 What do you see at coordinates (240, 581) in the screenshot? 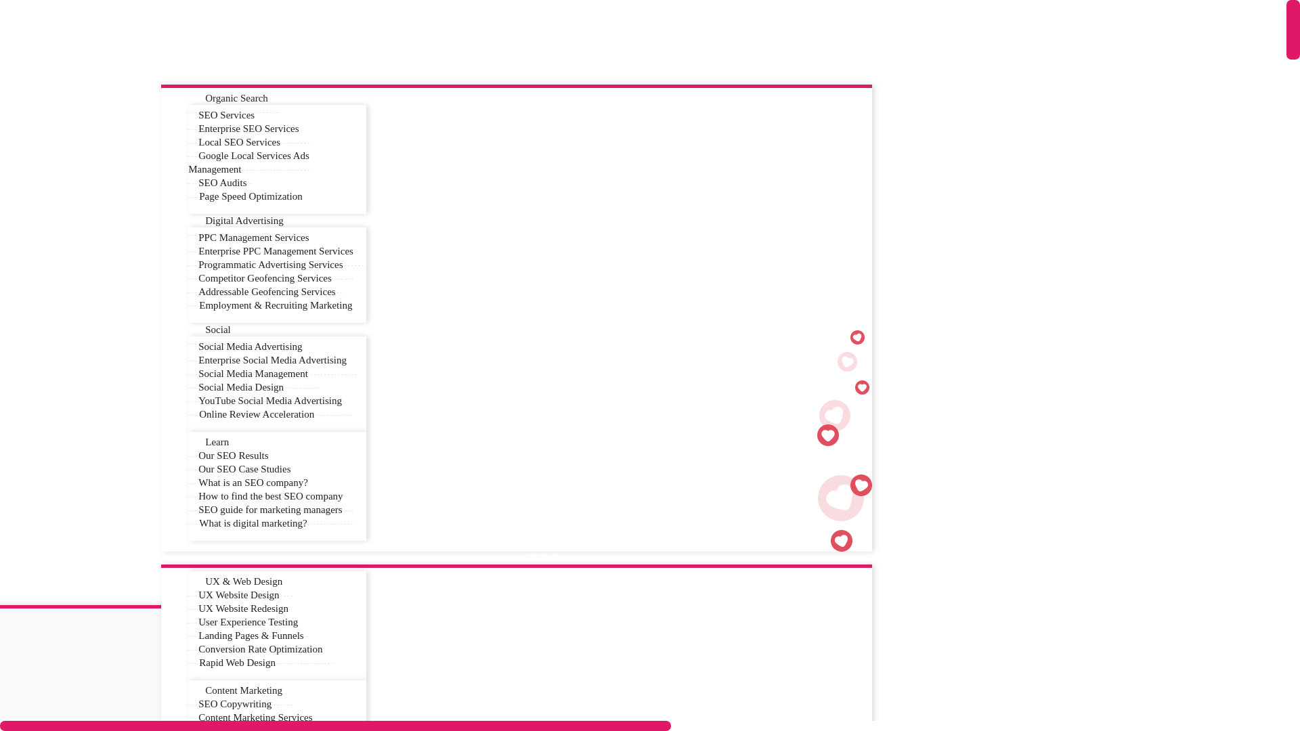
I see `'UX & Web Design'` at bounding box center [240, 581].